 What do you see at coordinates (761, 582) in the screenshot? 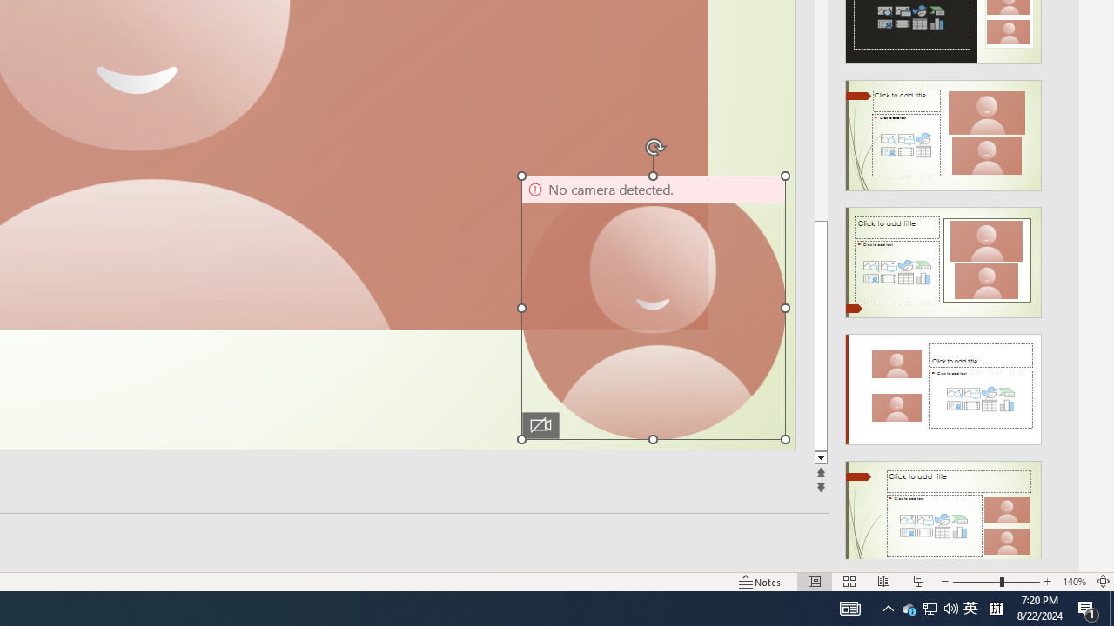
I see `'Notes '` at bounding box center [761, 582].